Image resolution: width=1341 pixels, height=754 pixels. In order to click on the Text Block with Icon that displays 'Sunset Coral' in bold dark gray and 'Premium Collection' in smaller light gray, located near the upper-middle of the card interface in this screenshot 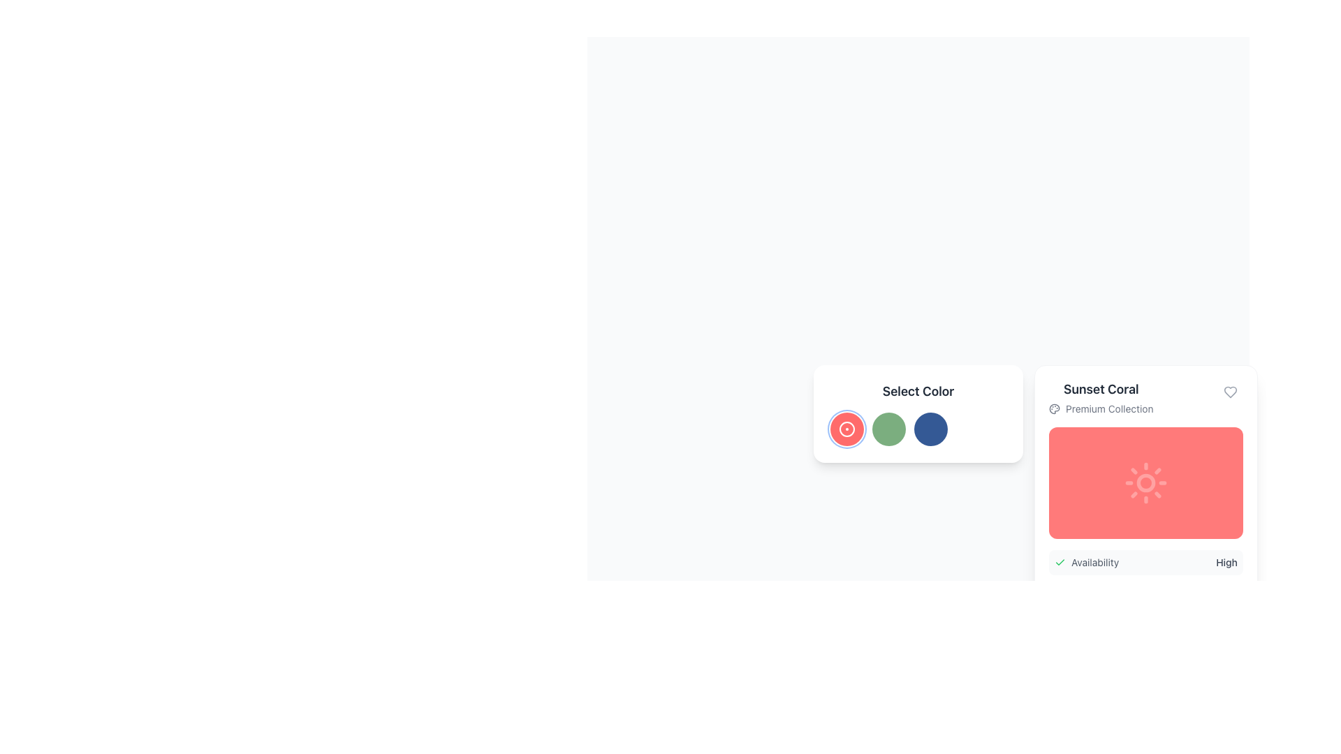, I will do `click(1100, 398)`.